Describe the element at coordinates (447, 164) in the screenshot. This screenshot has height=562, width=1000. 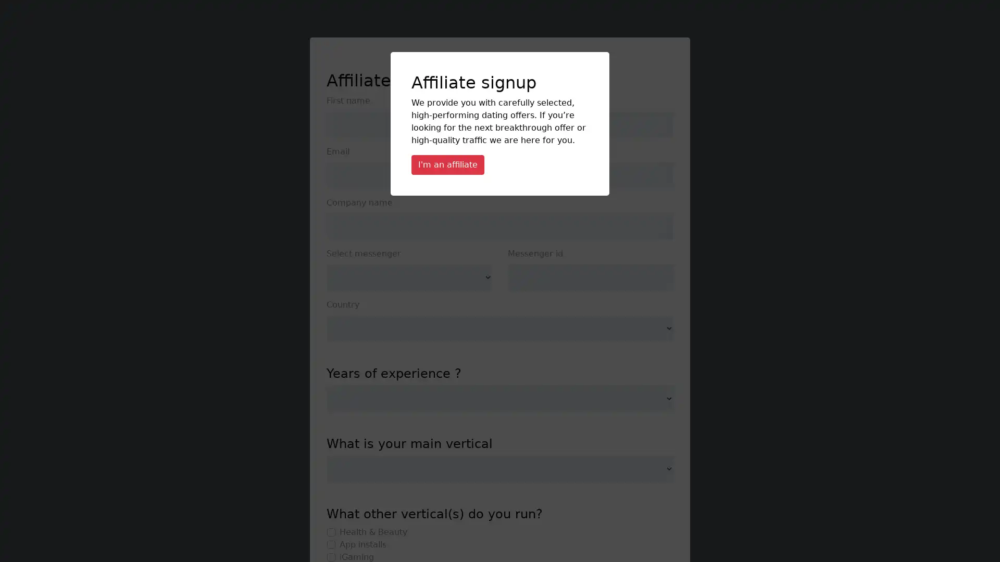
I see `I'm an affiliate` at that location.